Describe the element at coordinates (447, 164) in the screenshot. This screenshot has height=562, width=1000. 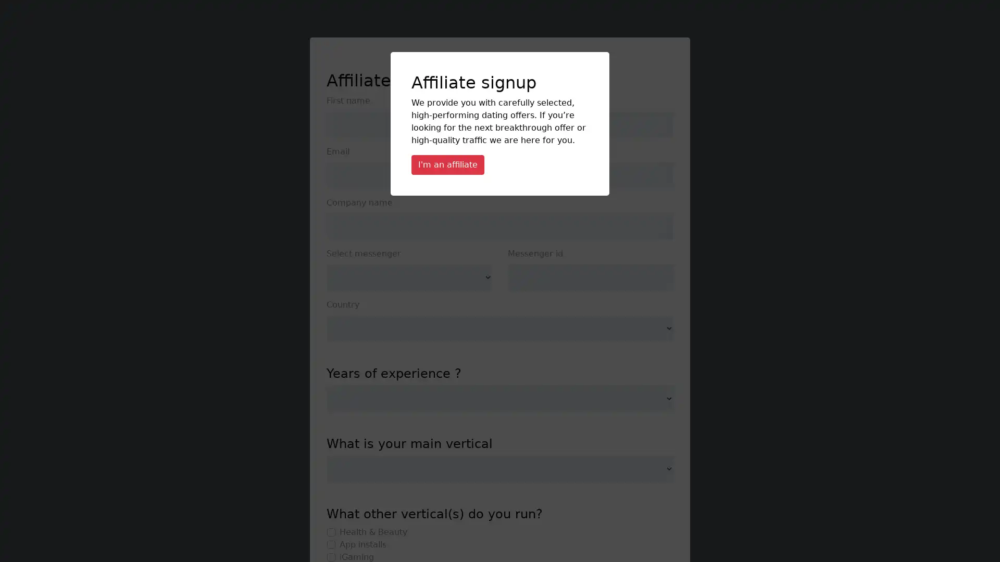
I see `I'm an affiliate` at that location.